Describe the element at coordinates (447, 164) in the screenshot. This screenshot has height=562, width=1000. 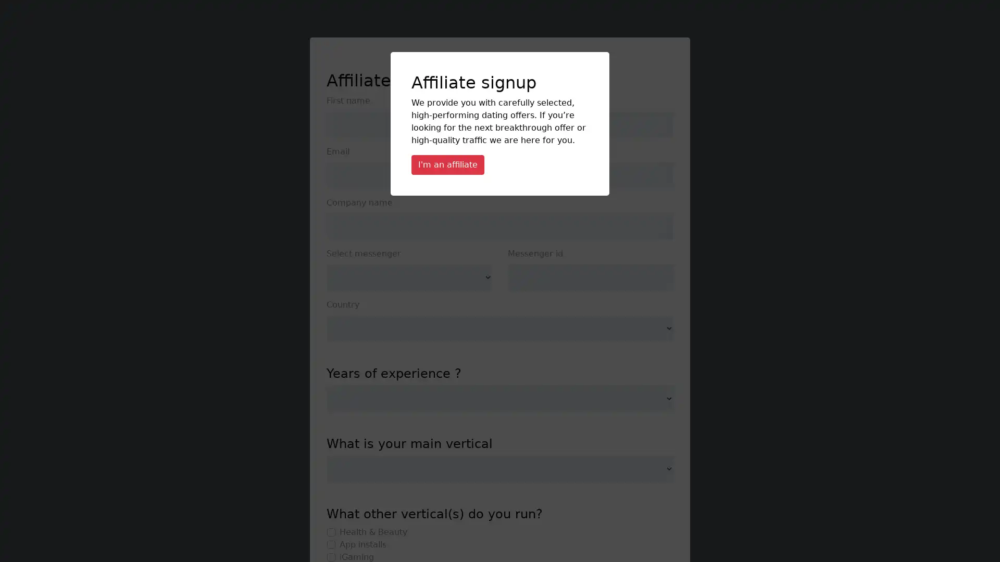
I see `I'm an affiliate` at that location.